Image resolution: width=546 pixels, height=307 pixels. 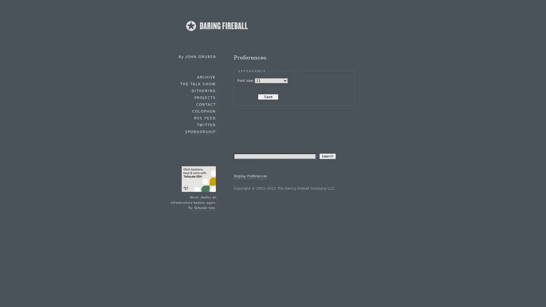 I want to click on Search, so click(x=327, y=156).